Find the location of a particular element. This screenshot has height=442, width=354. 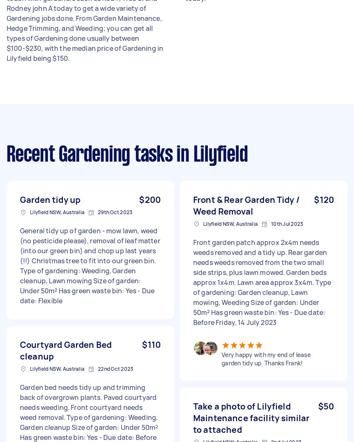

'Front garden patch approx 2x4m needs weeds removed and a tidy up.
Rear garden needs weeds removed from the two small side strips, plus lawn mowed. Garden beds approx 1x4m. Lawn area approx 3x4m.
Type of gardening: Garden cleanup, Lawn mowing, Weeding
Size of garden: Under 50m²
Has green waste bin: Yes

-
Due date: Before Friday, 14 July 2023' is located at coordinates (262, 282).